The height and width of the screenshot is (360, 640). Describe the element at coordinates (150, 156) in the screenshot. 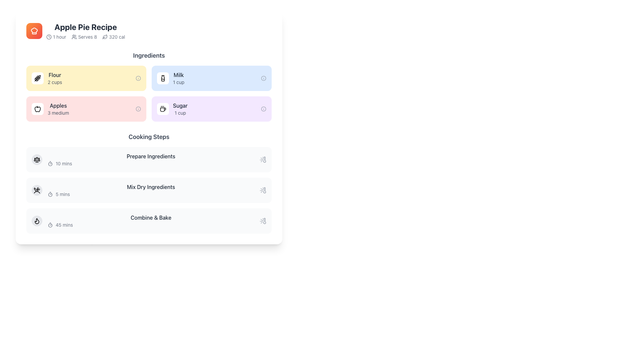

I see `the title text of the first step in the cooking process, which is centrally aligned in the 'Cooking Steps' section and located just below the '10 mins' icon` at that location.